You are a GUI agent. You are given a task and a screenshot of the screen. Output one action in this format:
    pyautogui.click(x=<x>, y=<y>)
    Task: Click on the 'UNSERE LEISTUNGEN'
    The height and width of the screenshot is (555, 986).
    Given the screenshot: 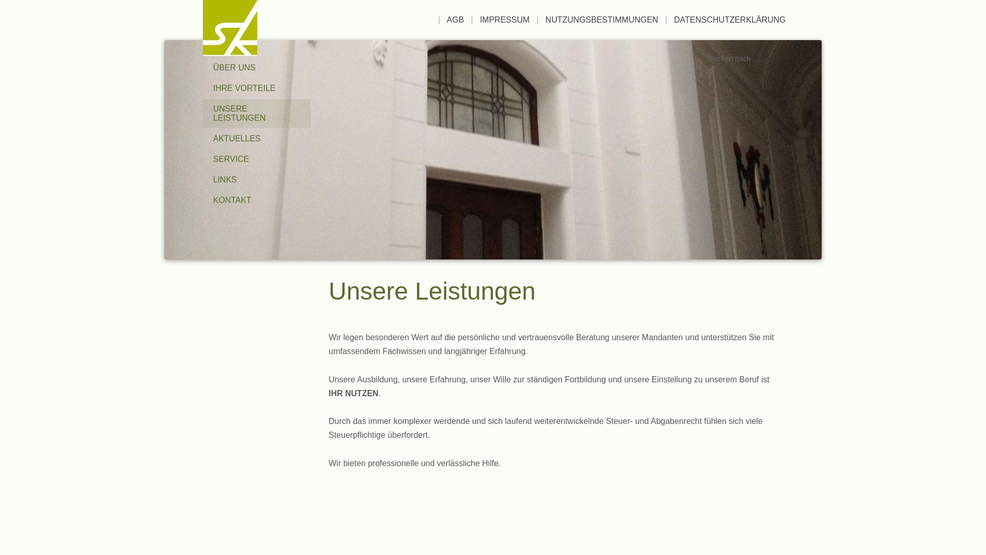 What is the action you would take?
    pyautogui.click(x=256, y=113)
    